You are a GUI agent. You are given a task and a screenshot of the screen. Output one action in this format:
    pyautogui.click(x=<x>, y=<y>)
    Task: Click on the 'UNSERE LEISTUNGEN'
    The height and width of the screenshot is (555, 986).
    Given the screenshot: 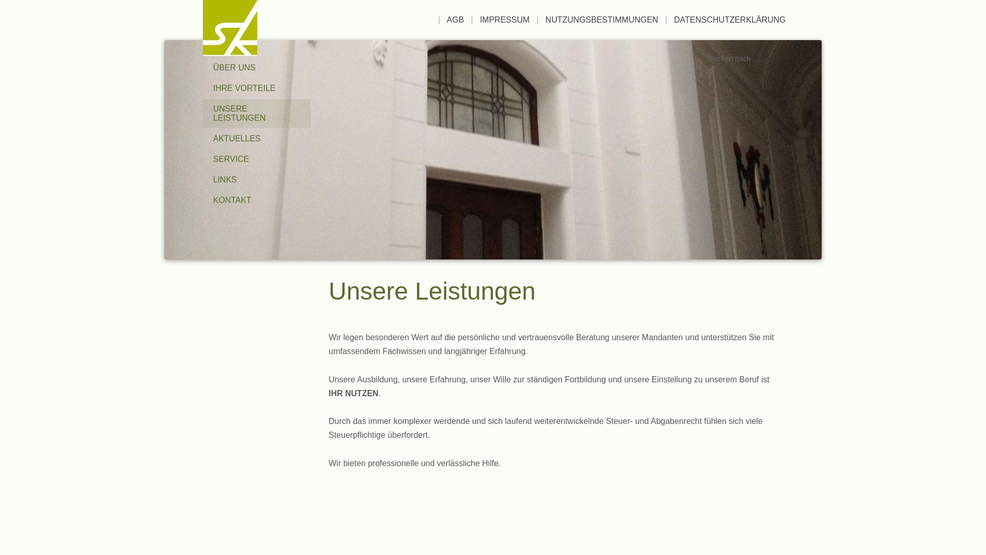 What is the action you would take?
    pyautogui.click(x=256, y=113)
    